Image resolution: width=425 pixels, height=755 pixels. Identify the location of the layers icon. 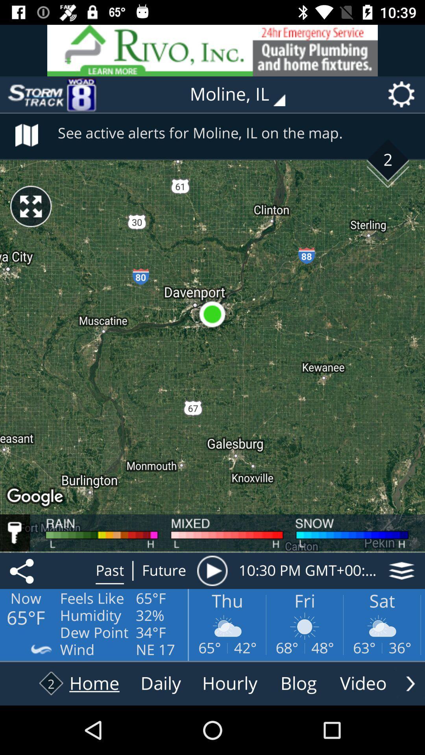
(401, 571).